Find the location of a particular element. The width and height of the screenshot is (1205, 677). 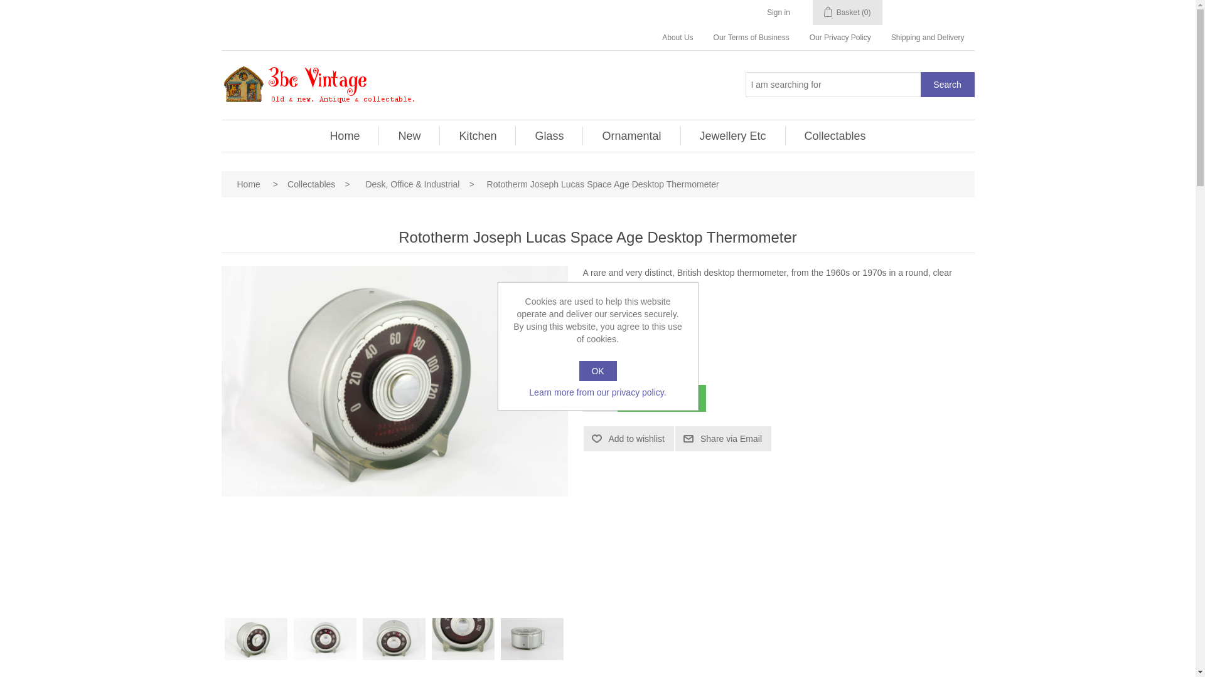

'About Us' is located at coordinates (677, 37).